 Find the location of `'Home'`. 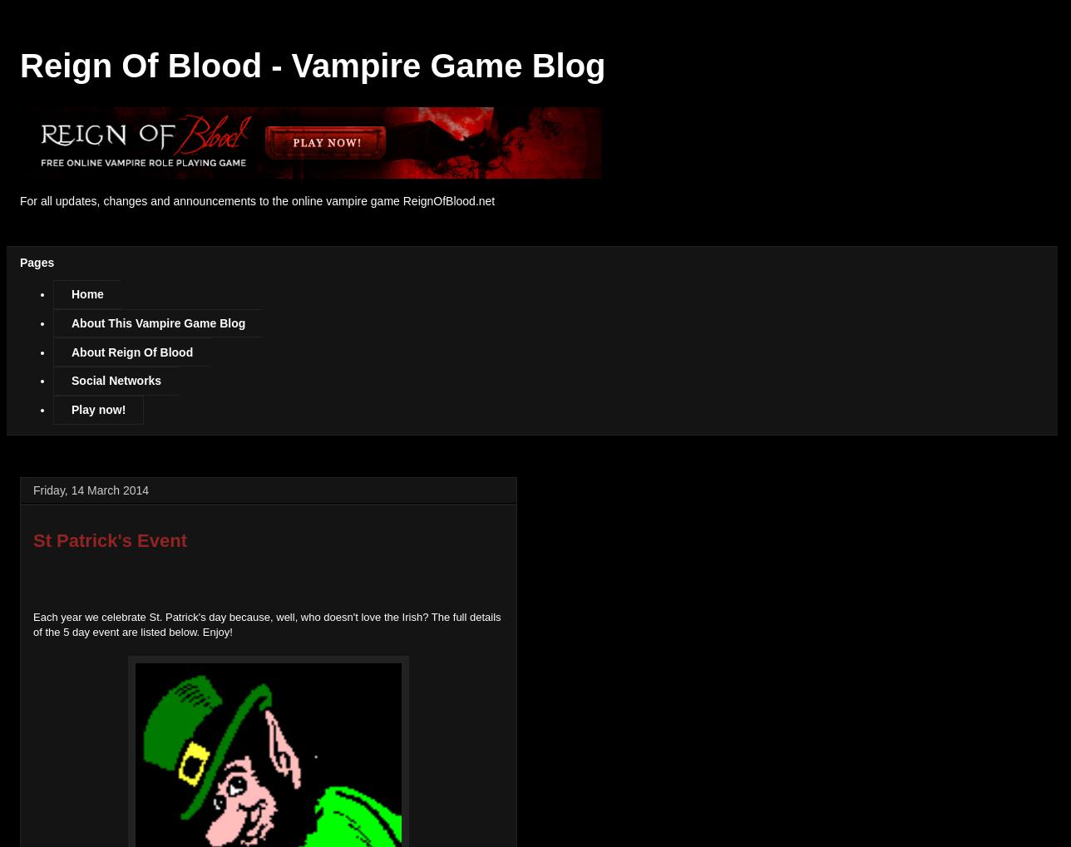

'Home' is located at coordinates (86, 294).